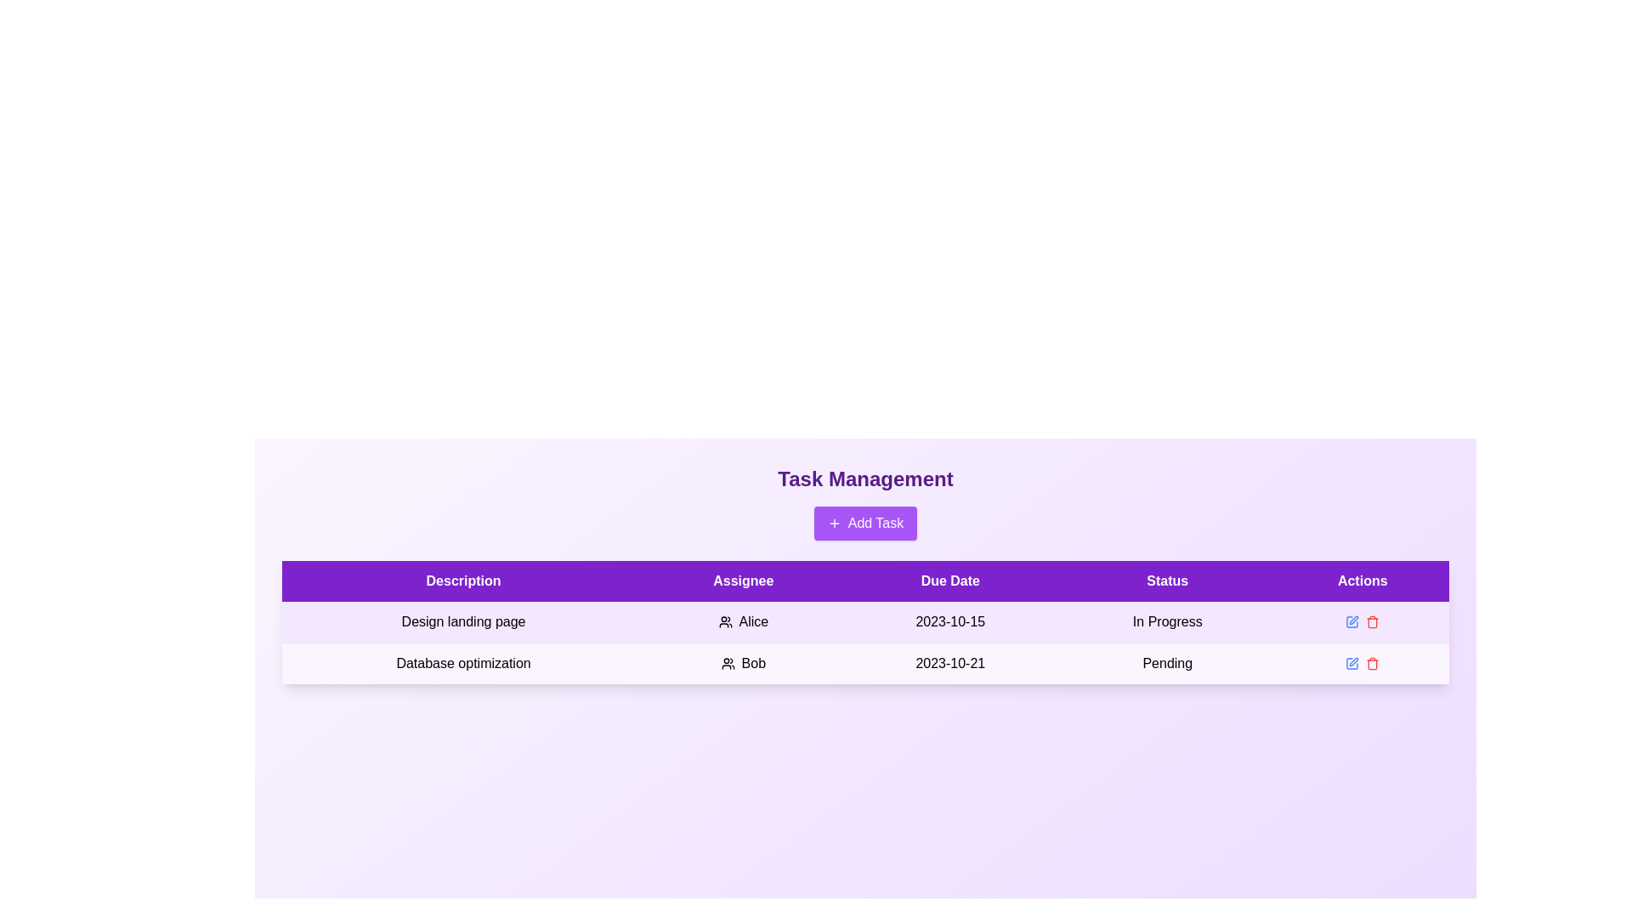 The image size is (1632, 918). What do you see at coordinates (728, 662) in the screenshot?
I see `the user group icon associated with the name 'Bob' located in the 'Assignee' section of the table` at bounding box center [728, 662].